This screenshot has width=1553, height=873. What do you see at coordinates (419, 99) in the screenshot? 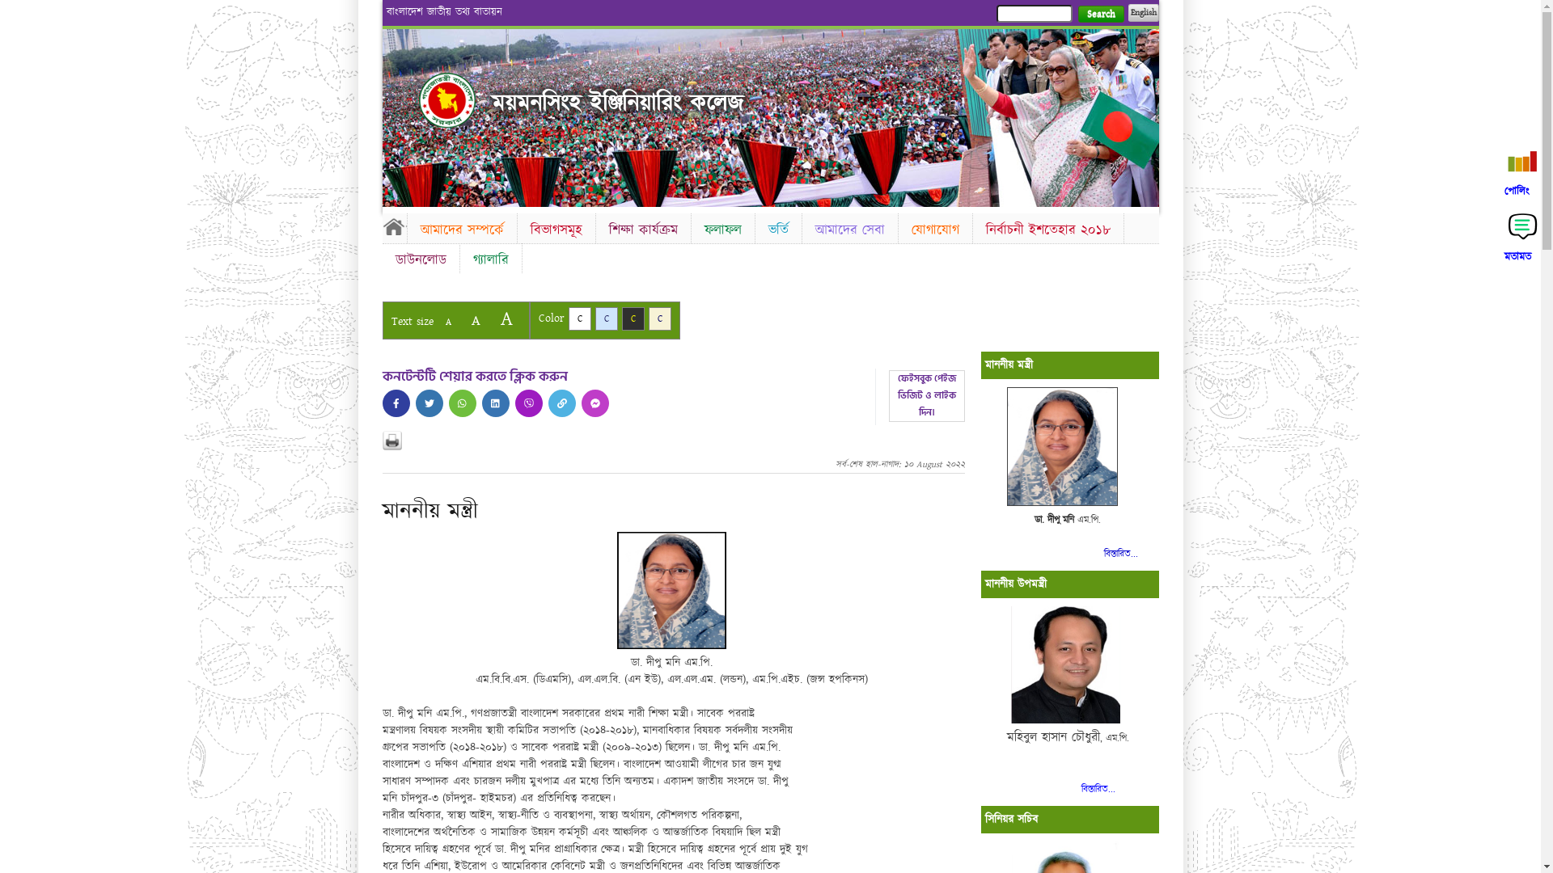
I see `'Home'` at bounding box center [419, 99].